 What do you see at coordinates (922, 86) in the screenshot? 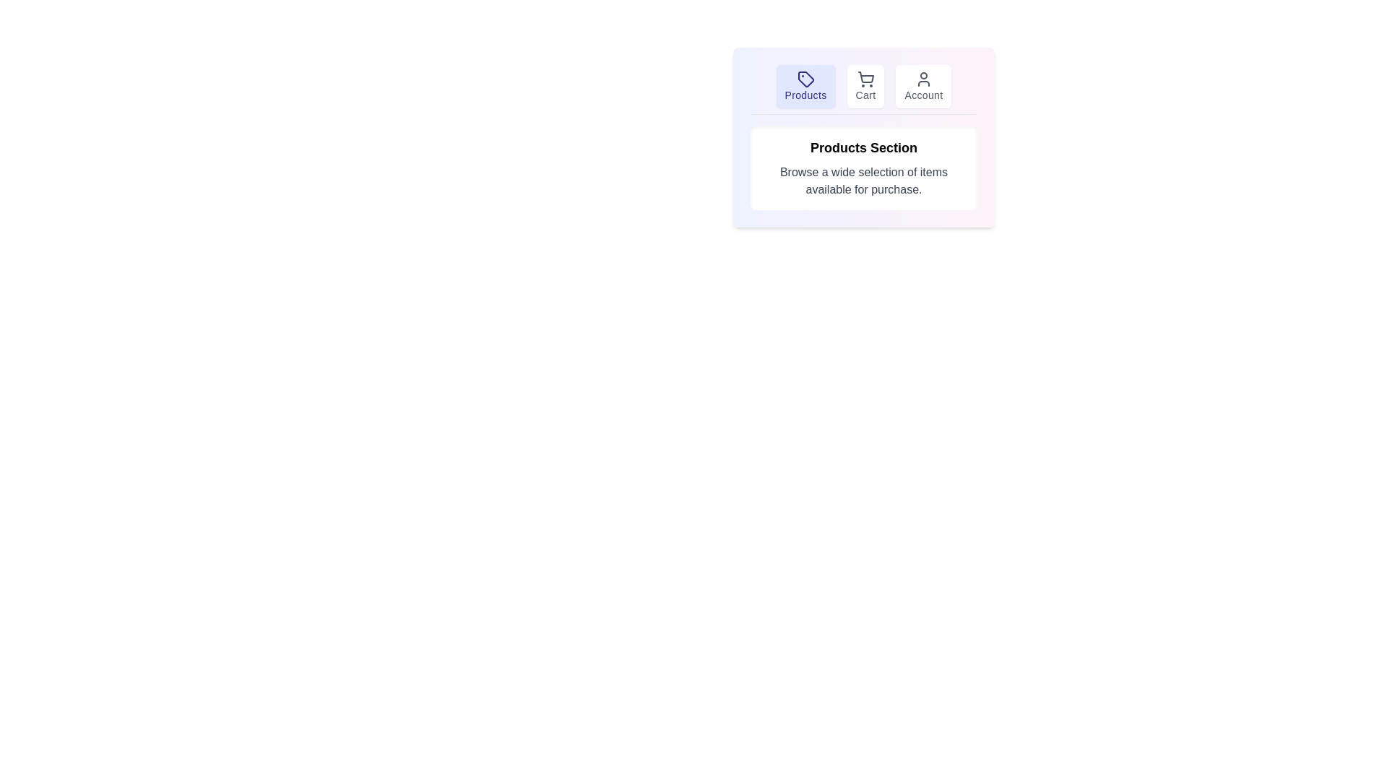
I see `the Account tab to navigate to its content` at bounding box center [922, 86].